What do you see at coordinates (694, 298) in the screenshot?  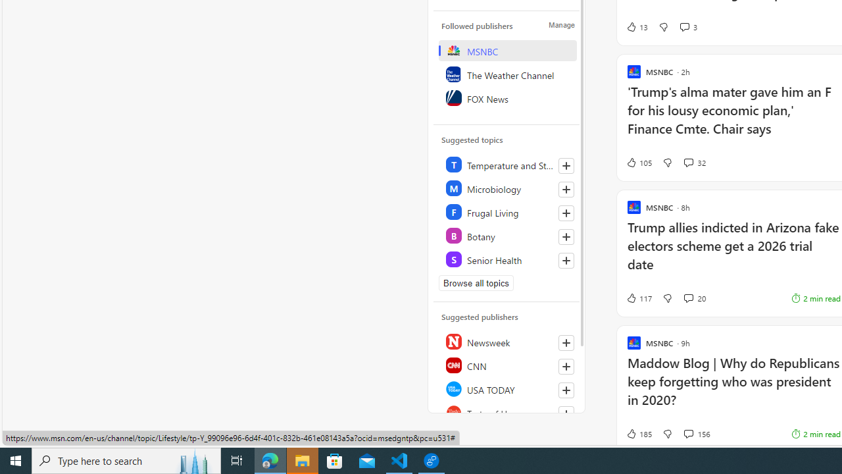 I see `'View comments 20 Comment'` at bounding box center [694, 298].